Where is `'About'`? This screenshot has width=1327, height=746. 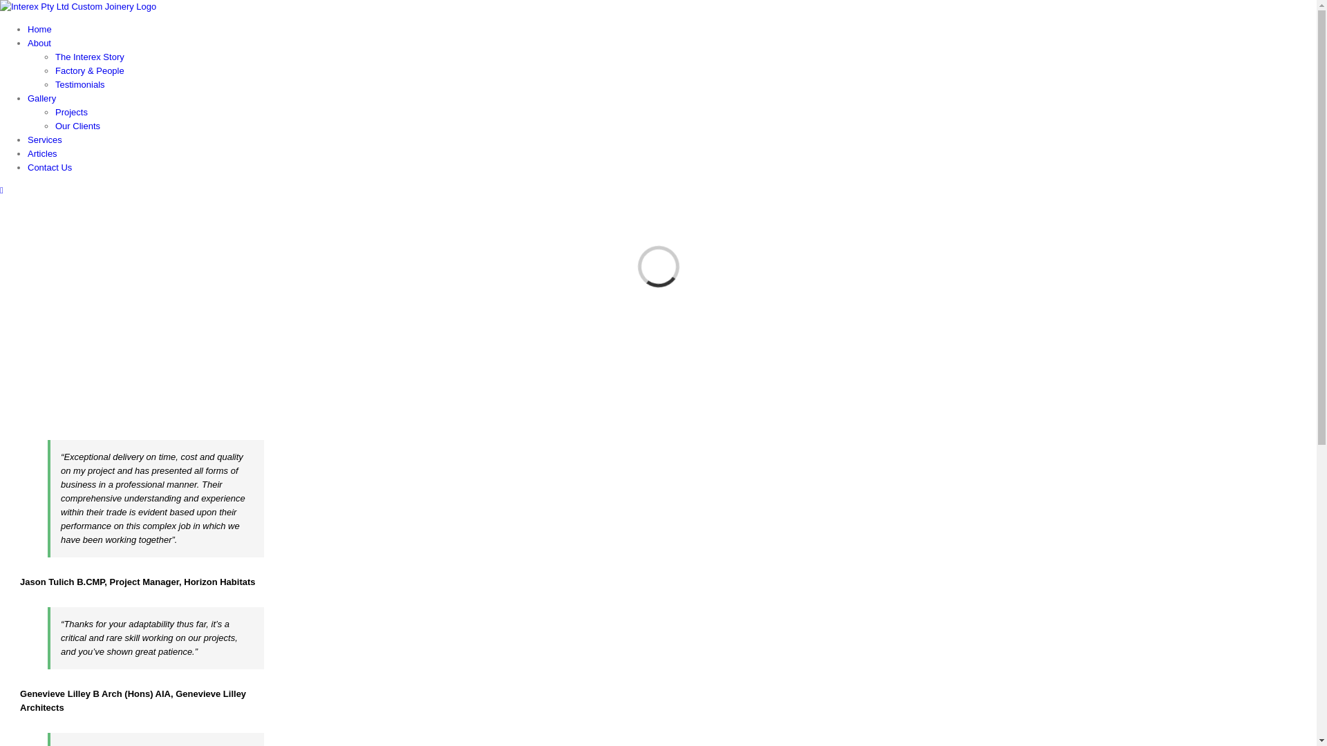 'About' is located at coordinates (39, 42).